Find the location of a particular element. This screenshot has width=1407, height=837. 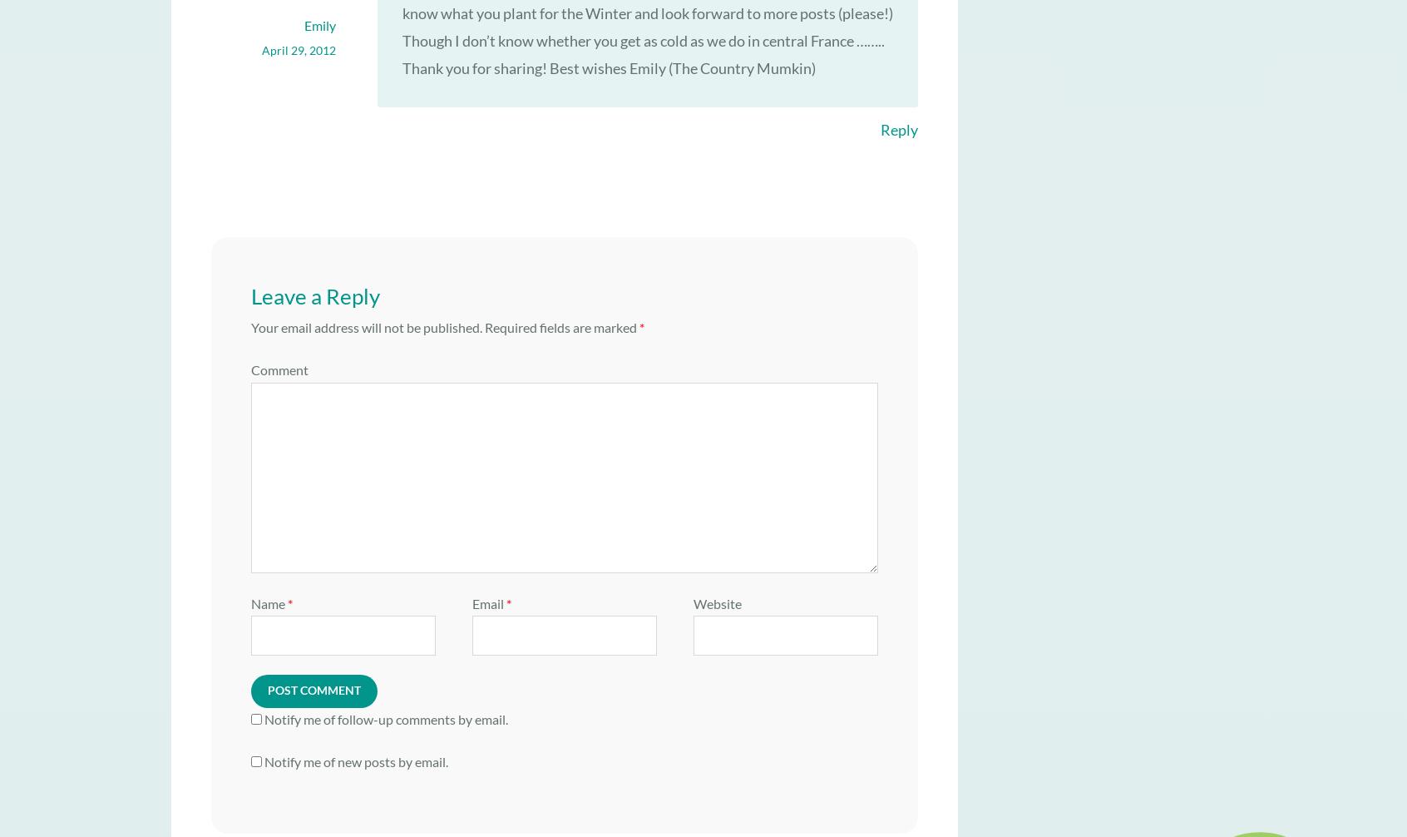

'Your email address will not be published.' is located at coordinates (250, 326).